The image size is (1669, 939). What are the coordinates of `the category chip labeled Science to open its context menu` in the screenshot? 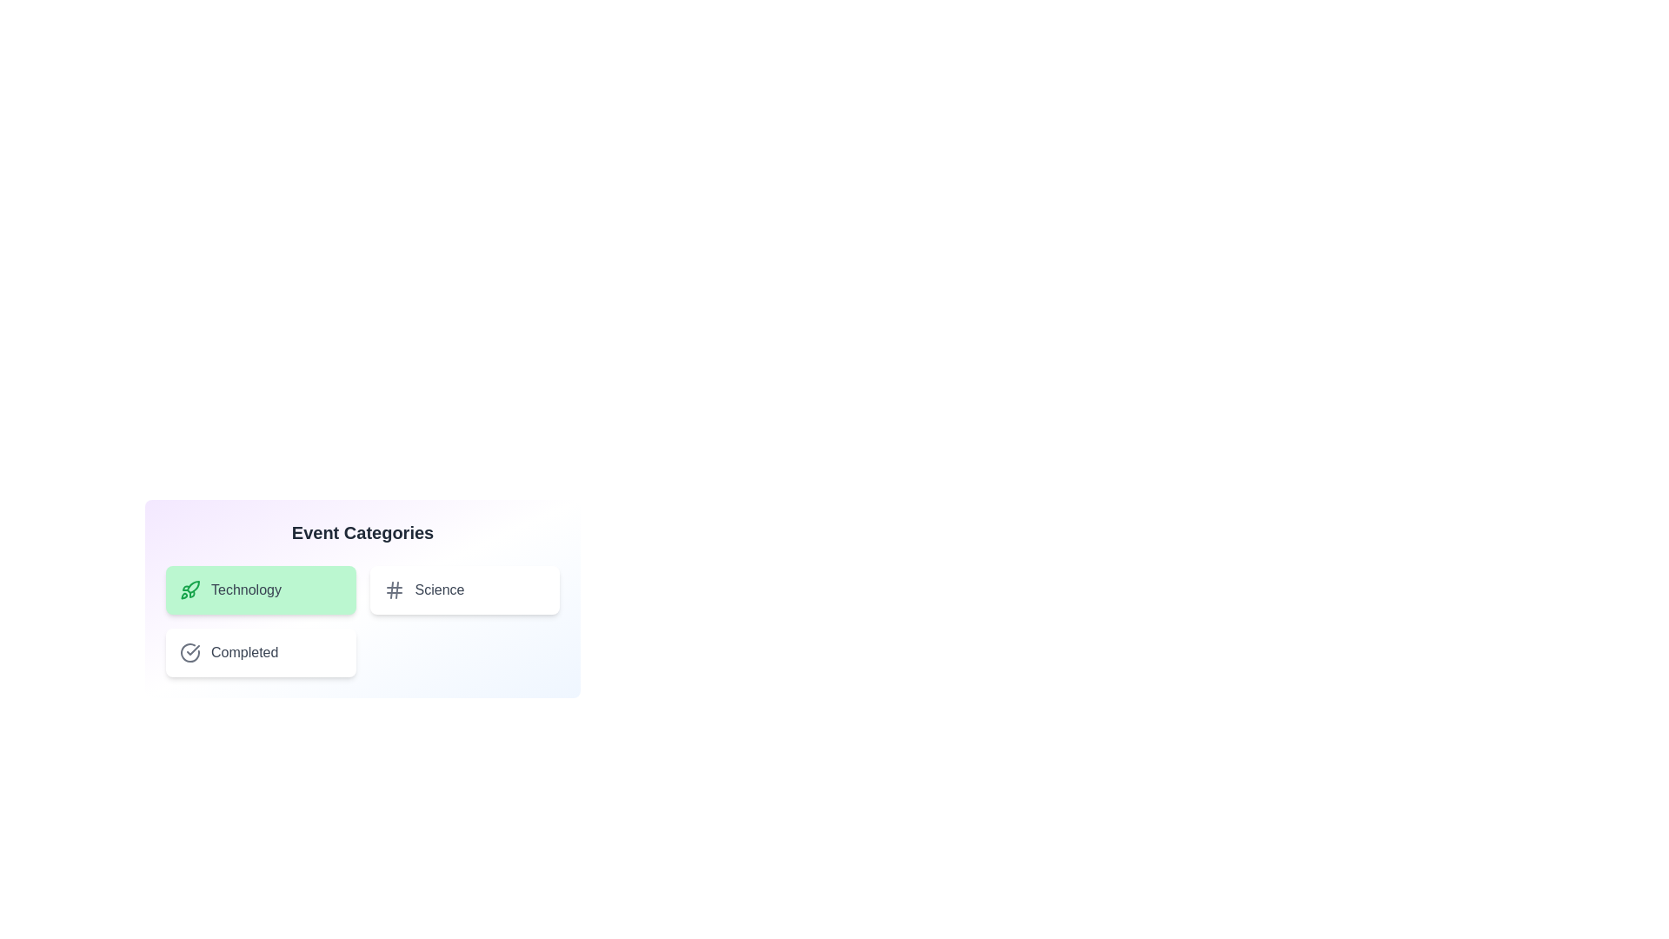 It's located at (464, 589).